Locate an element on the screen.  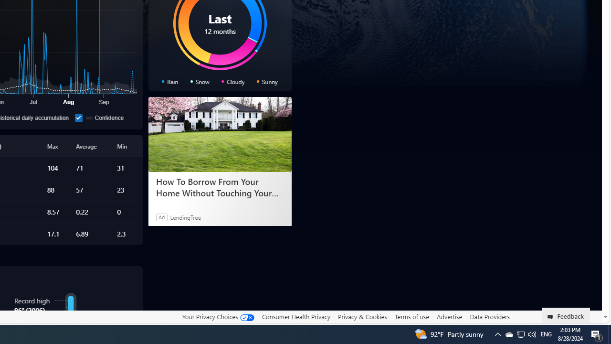
'Data Providers' is located at coordinates (489, 316).